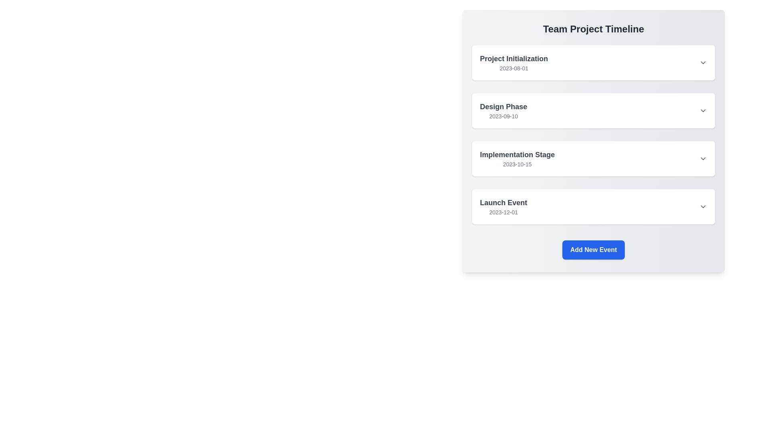  Describe the element at coordinates (503, 212) in the screenshot. I see `the Text Label displaying the date associated with the 'Launch Event', which is located on the right side of the interface, below the 'Launch Event' text element` at that location.